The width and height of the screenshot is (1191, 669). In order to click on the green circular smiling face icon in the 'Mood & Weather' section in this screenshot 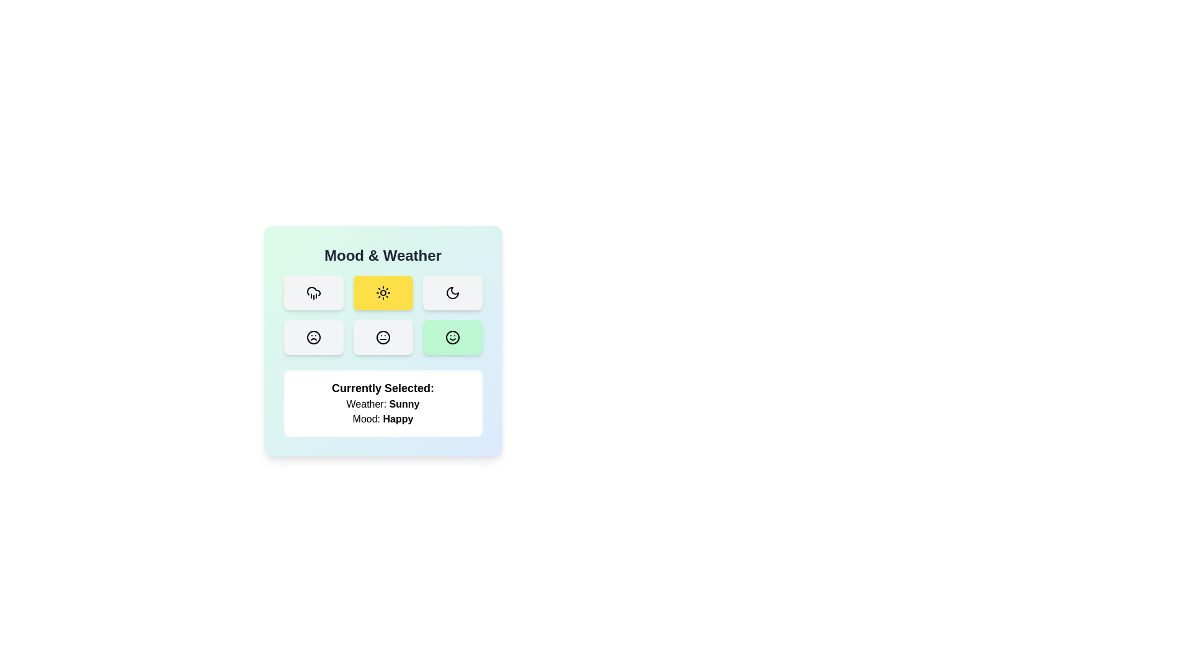, I will do `click(452, 337)`.